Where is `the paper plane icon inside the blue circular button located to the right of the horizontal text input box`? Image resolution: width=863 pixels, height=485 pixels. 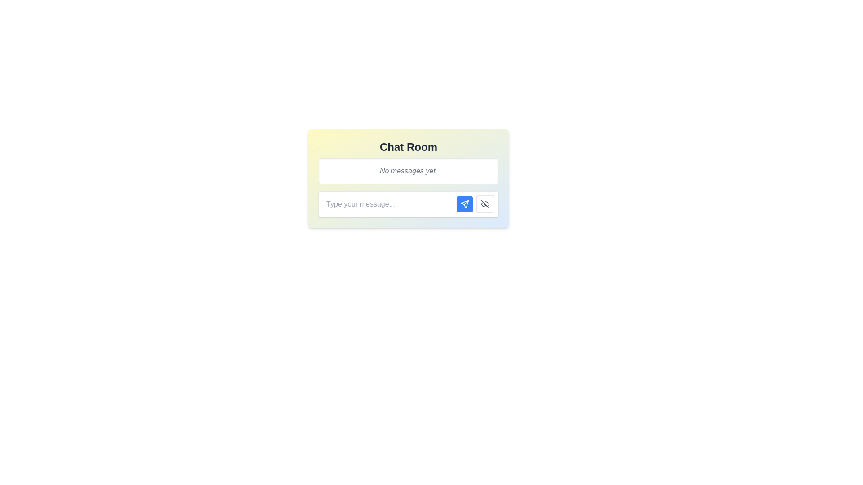
the paper plane icon inside the blue circular button located to the right of the horizontal text input box is located at coordinates (464, 204).